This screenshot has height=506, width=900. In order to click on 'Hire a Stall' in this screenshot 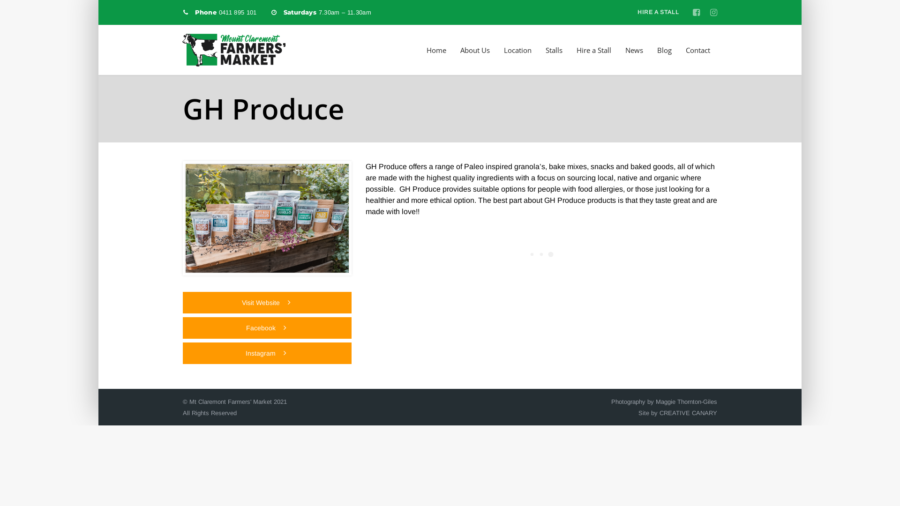, I will do `click(593, 50)`.